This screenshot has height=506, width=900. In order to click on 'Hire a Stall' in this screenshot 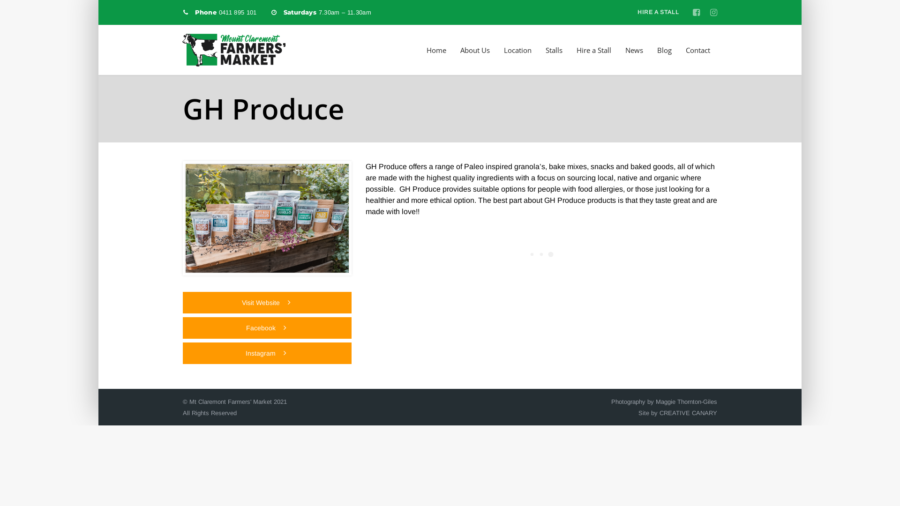, I will do `click(593, 50)`.